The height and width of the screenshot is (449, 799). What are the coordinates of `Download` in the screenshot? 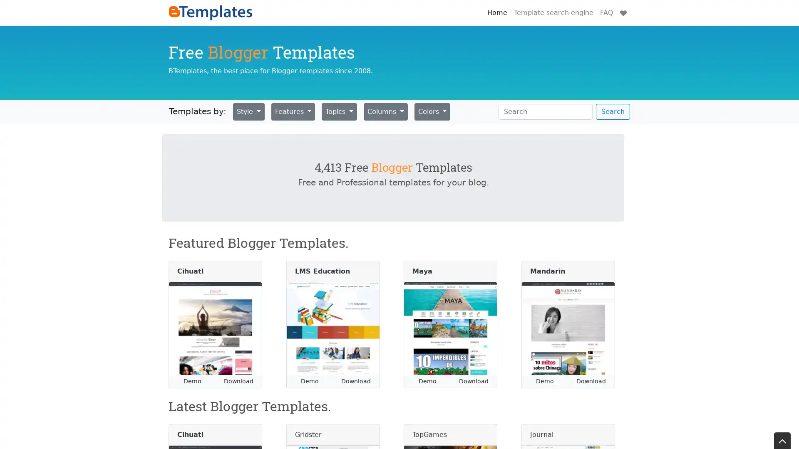 It's located at (591, 381).